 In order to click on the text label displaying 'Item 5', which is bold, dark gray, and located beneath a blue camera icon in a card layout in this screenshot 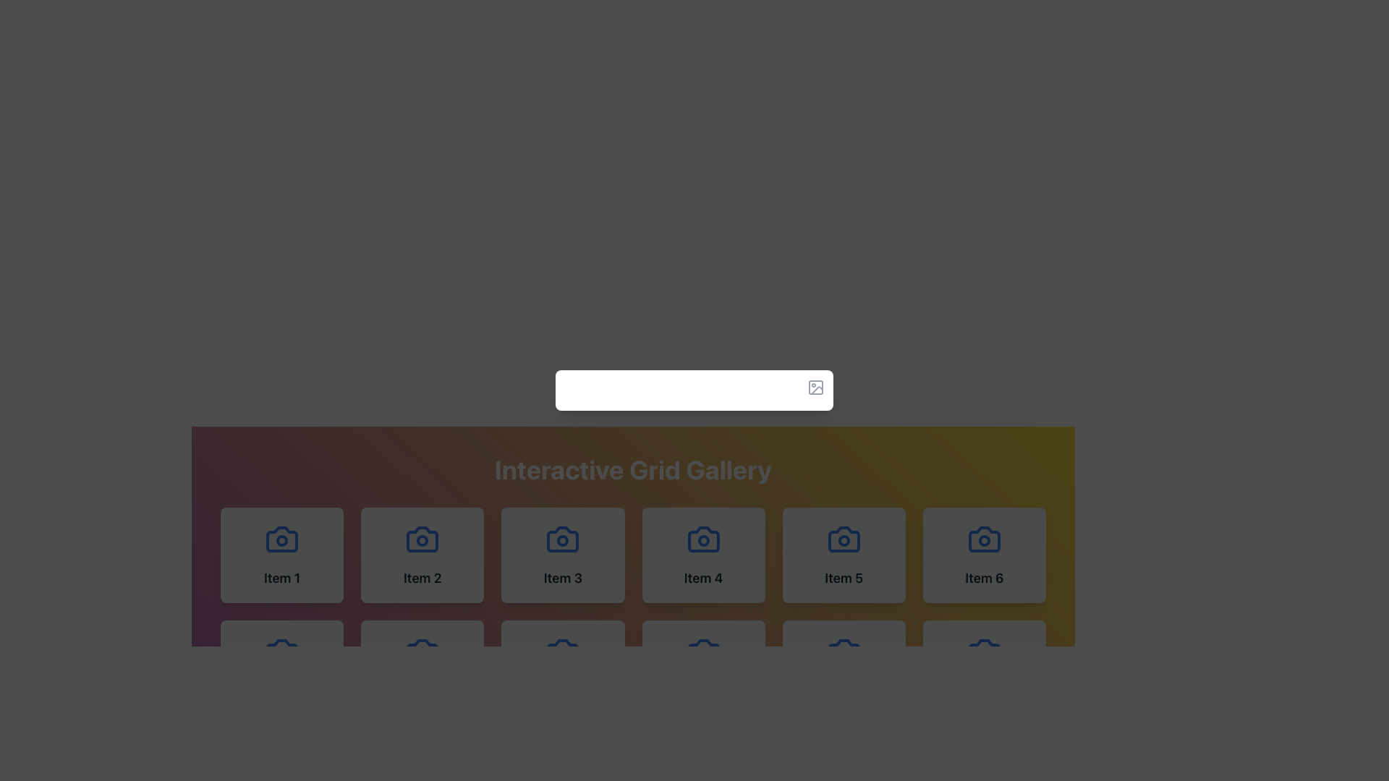, I will do `click(844, 577)`.